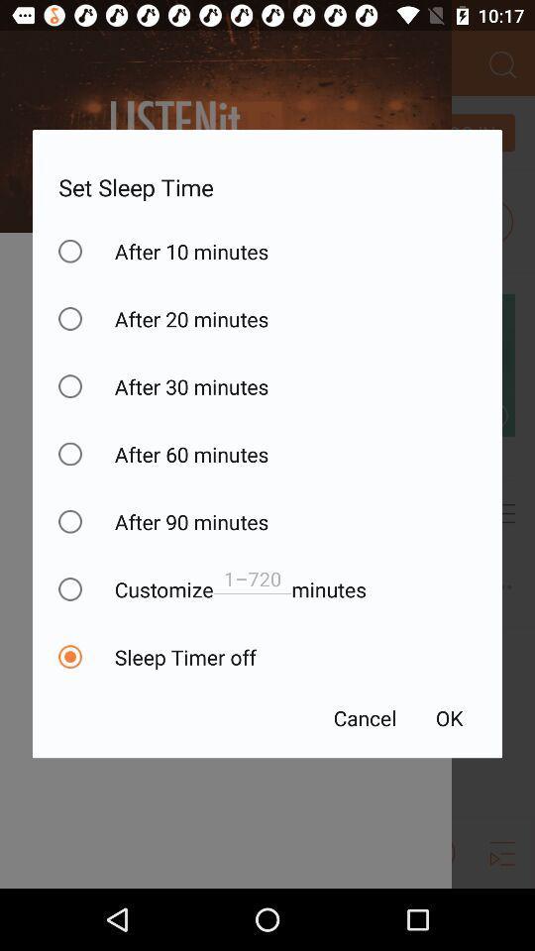 The height and width of the screenshot is (951, 535). I want to click on the notifications icon, so click(437, 912).